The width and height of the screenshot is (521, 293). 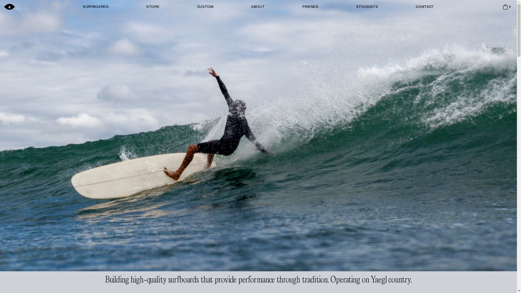 I want to click on 'STOCKISTS', so click(x=367, y=7).